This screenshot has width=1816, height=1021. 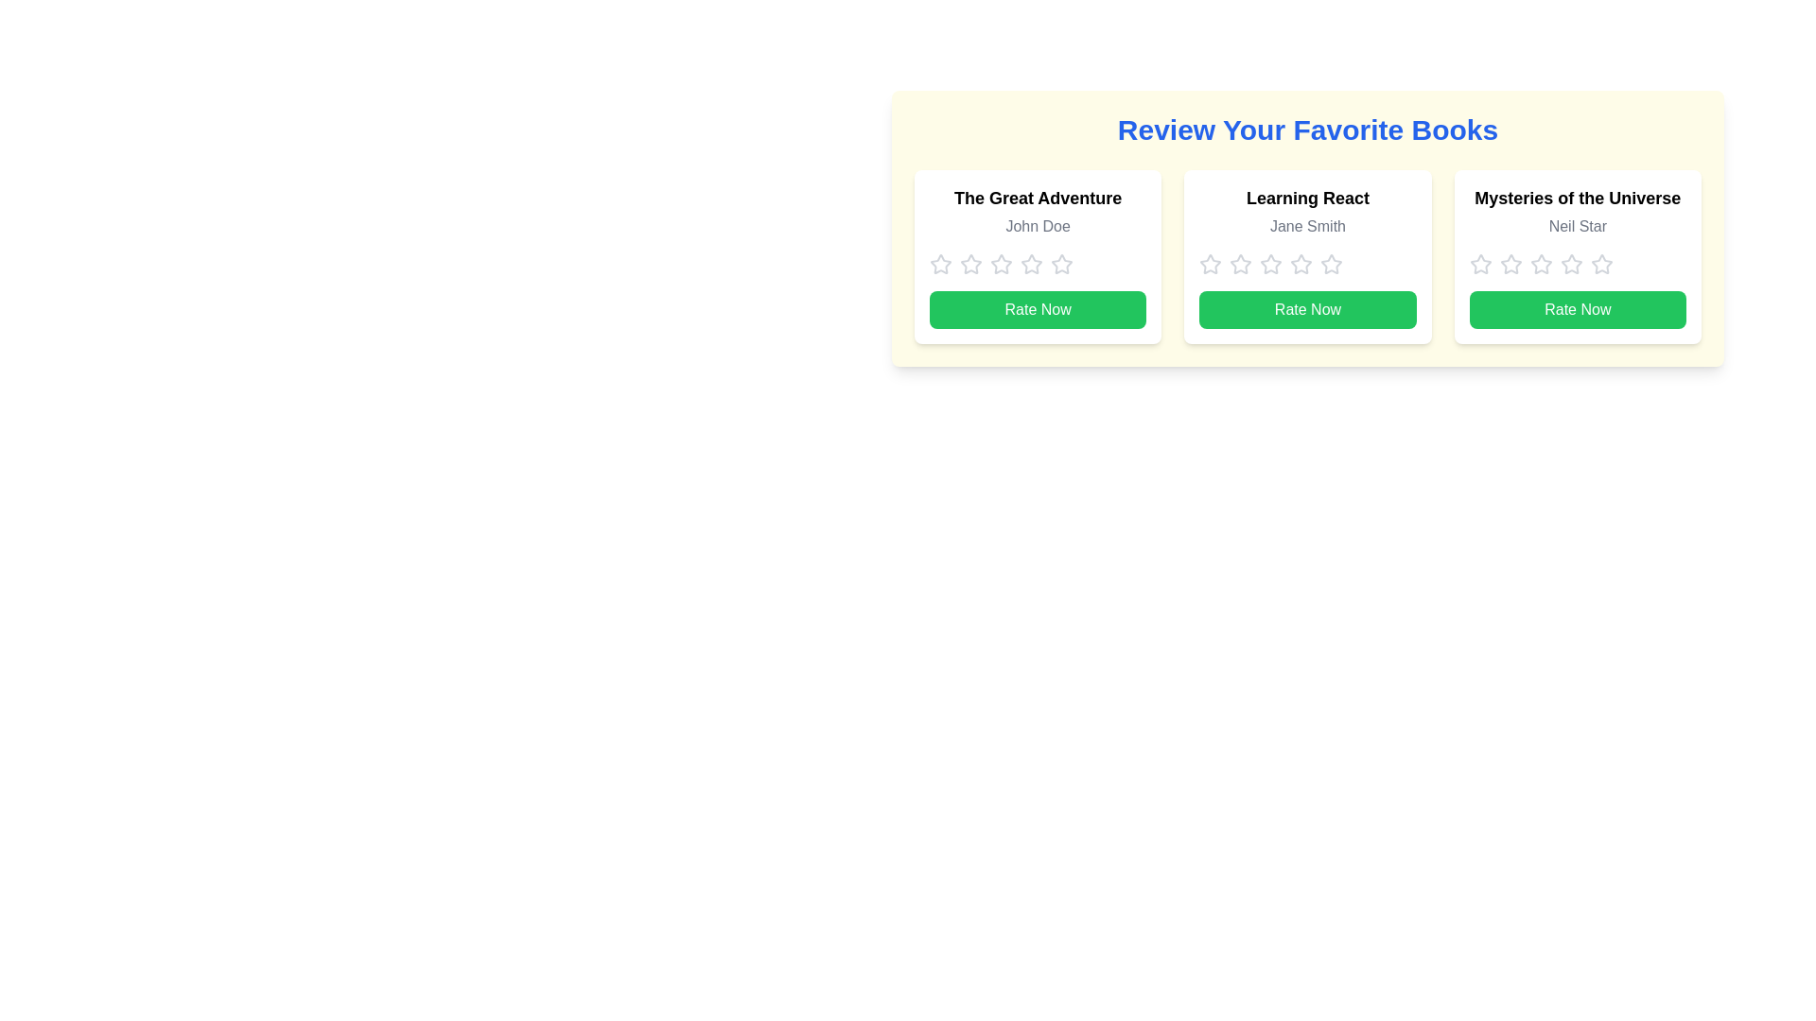 What do you see at coordinates (1600, 265) in the screenshot?
I see `the fifth star rating icon, which has a hollow light gray appearance, located on the far right of the row of three cards for the book titled 'Mysteries of the Universe', to scale it` at bounding box center [1600, 265].